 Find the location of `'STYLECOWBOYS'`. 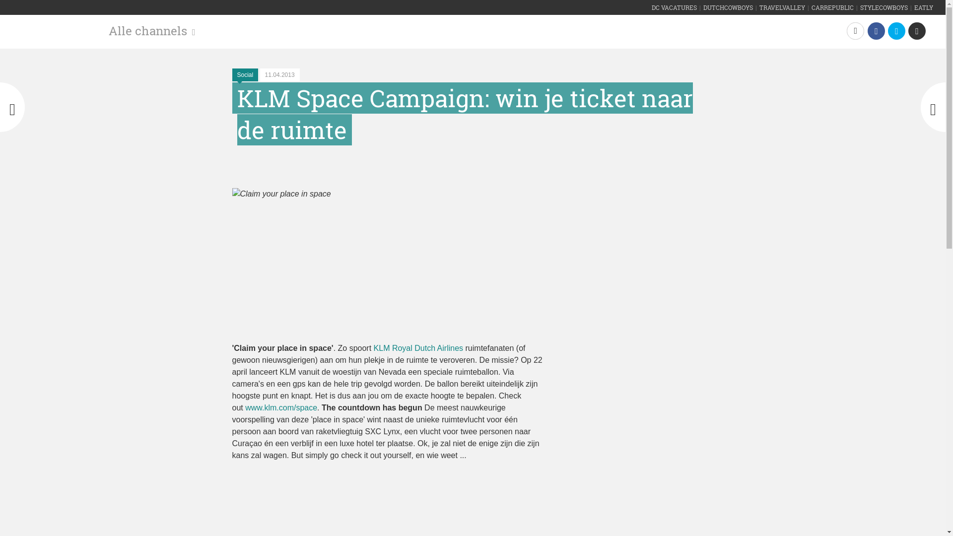

'STYLECOWBOYS' is located at coordinates (859, 7).